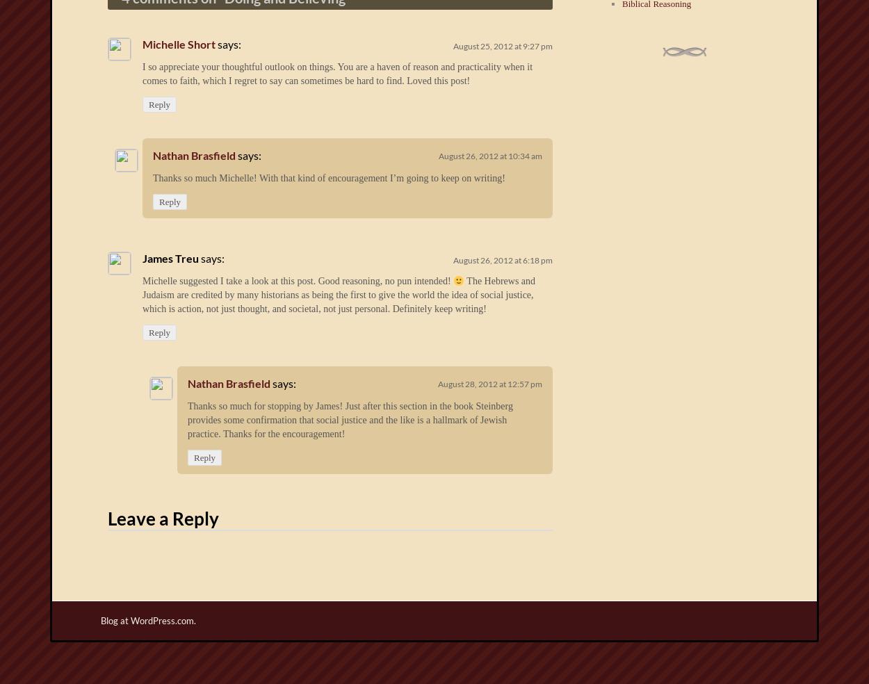  Describe the element at coordinates (142, 295) in the screenshot. I see `'The Hebrews and Judaism are credited by many historians as being the first to give the world the idea of social justice, which is action, not just thought, and societal, not just personal. Definitely keep writing!'` at that location.